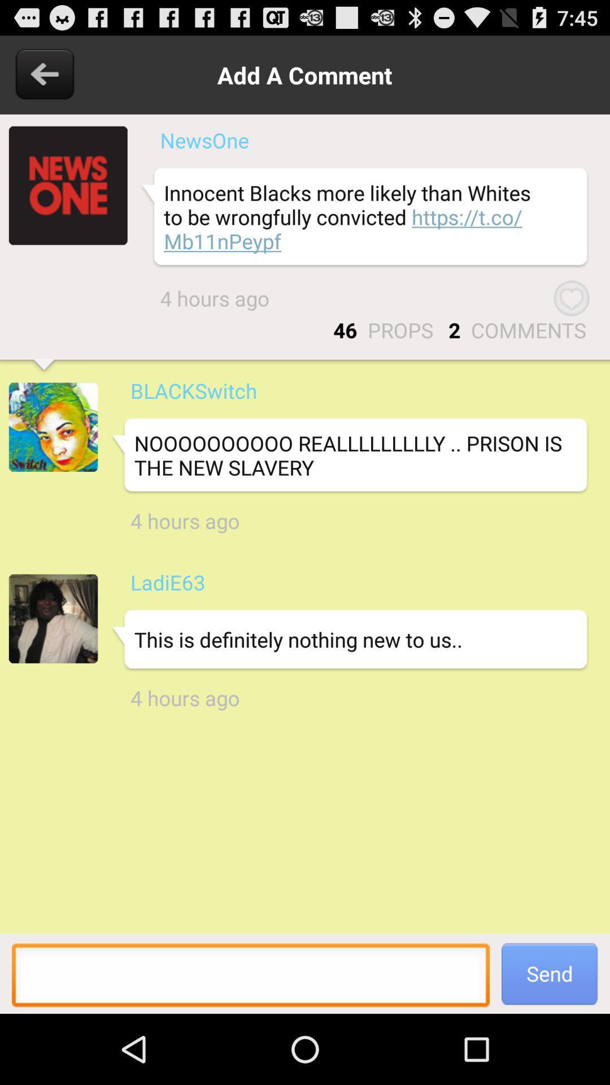 Image resolution: width=610 pixels, height=1085 pixels. What do you see at coordinates (68, 185) in the screenshot?
I see `news one` at bounding box center [68, 185].